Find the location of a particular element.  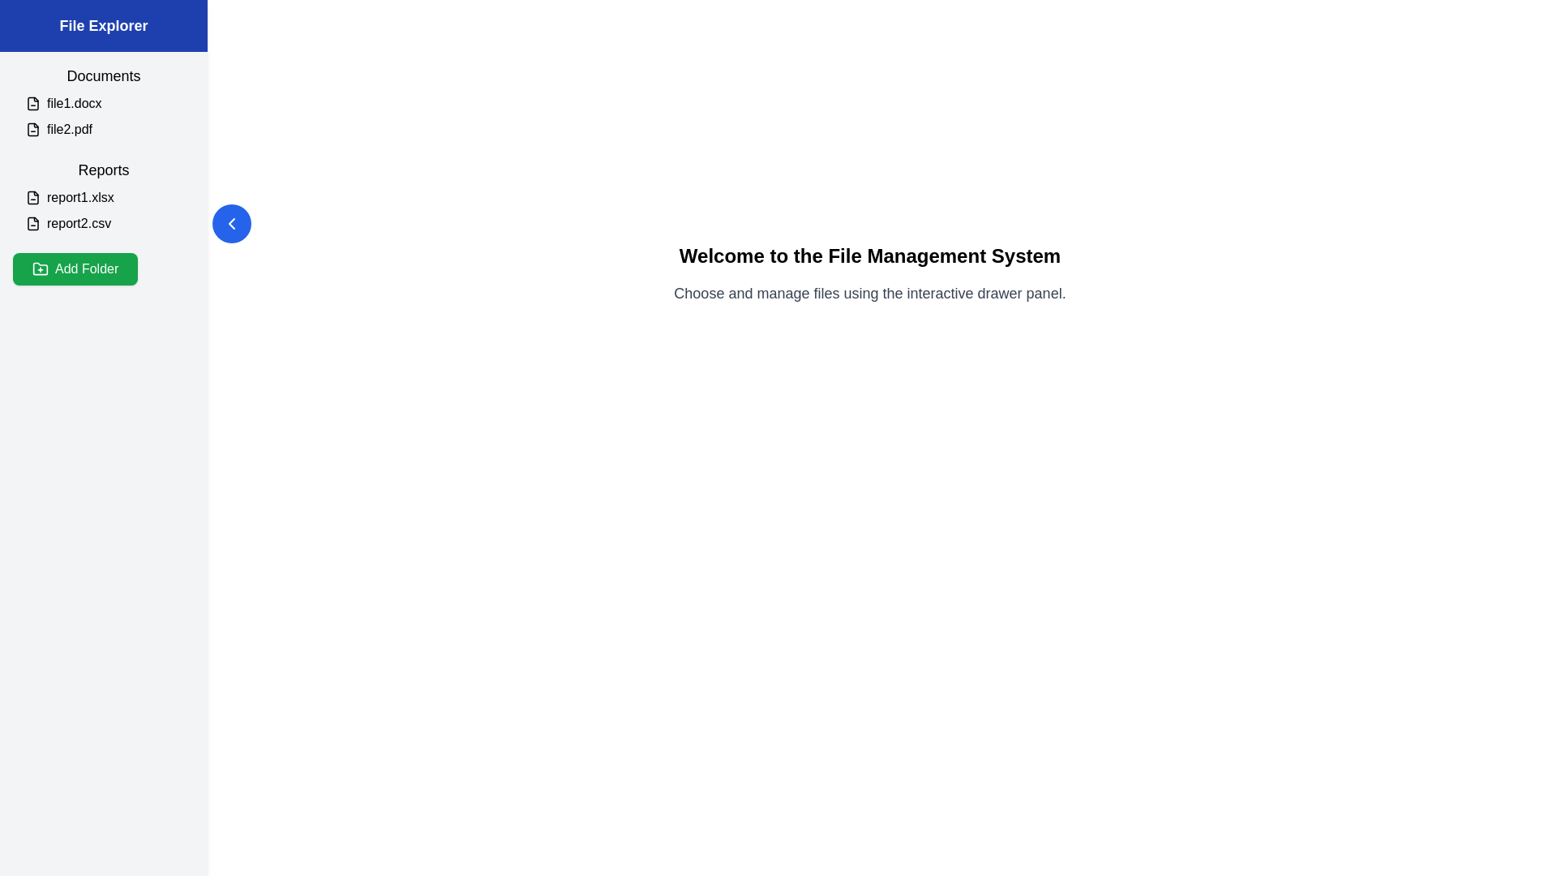

the document-like icon in the 'Reports' section, which is located below the 'Documents' section and precedes the text 'report1.xlsx' is located at coordinates (33, 196).